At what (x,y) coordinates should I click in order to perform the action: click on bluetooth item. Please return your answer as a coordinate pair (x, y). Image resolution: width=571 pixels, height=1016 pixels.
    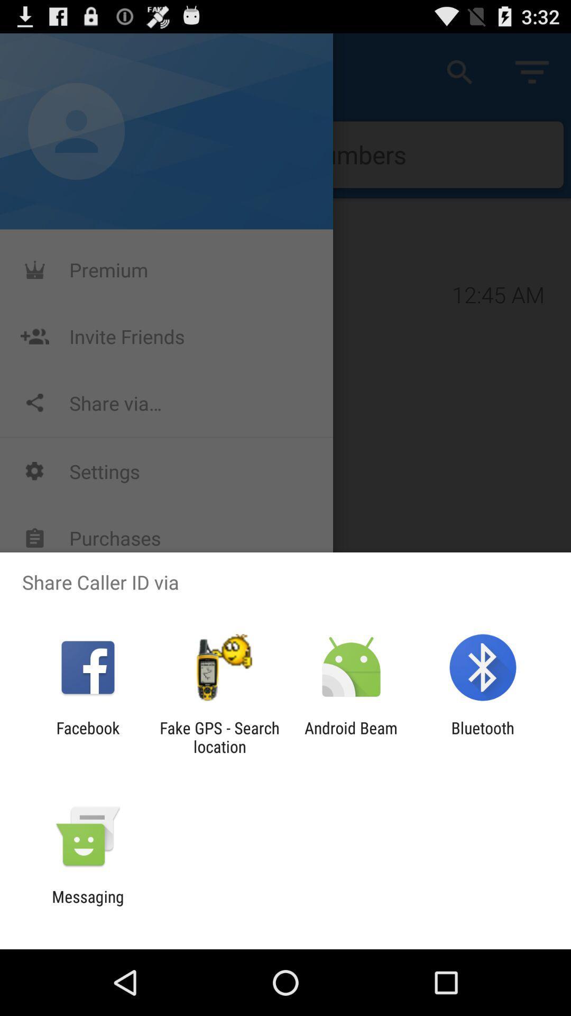
    Looking at the image, I should click on (483, 737).